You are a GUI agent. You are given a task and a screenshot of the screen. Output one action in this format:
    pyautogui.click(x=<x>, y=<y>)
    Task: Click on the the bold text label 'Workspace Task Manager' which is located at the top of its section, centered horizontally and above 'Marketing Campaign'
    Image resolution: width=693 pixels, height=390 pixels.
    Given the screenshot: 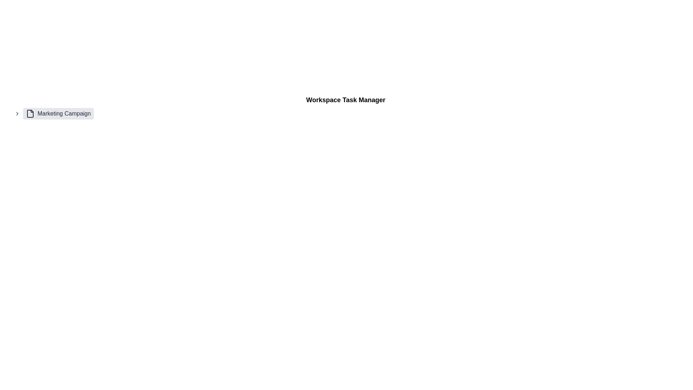 What is the action you would take?
    pyautogui.click(x=345, y=100)
    